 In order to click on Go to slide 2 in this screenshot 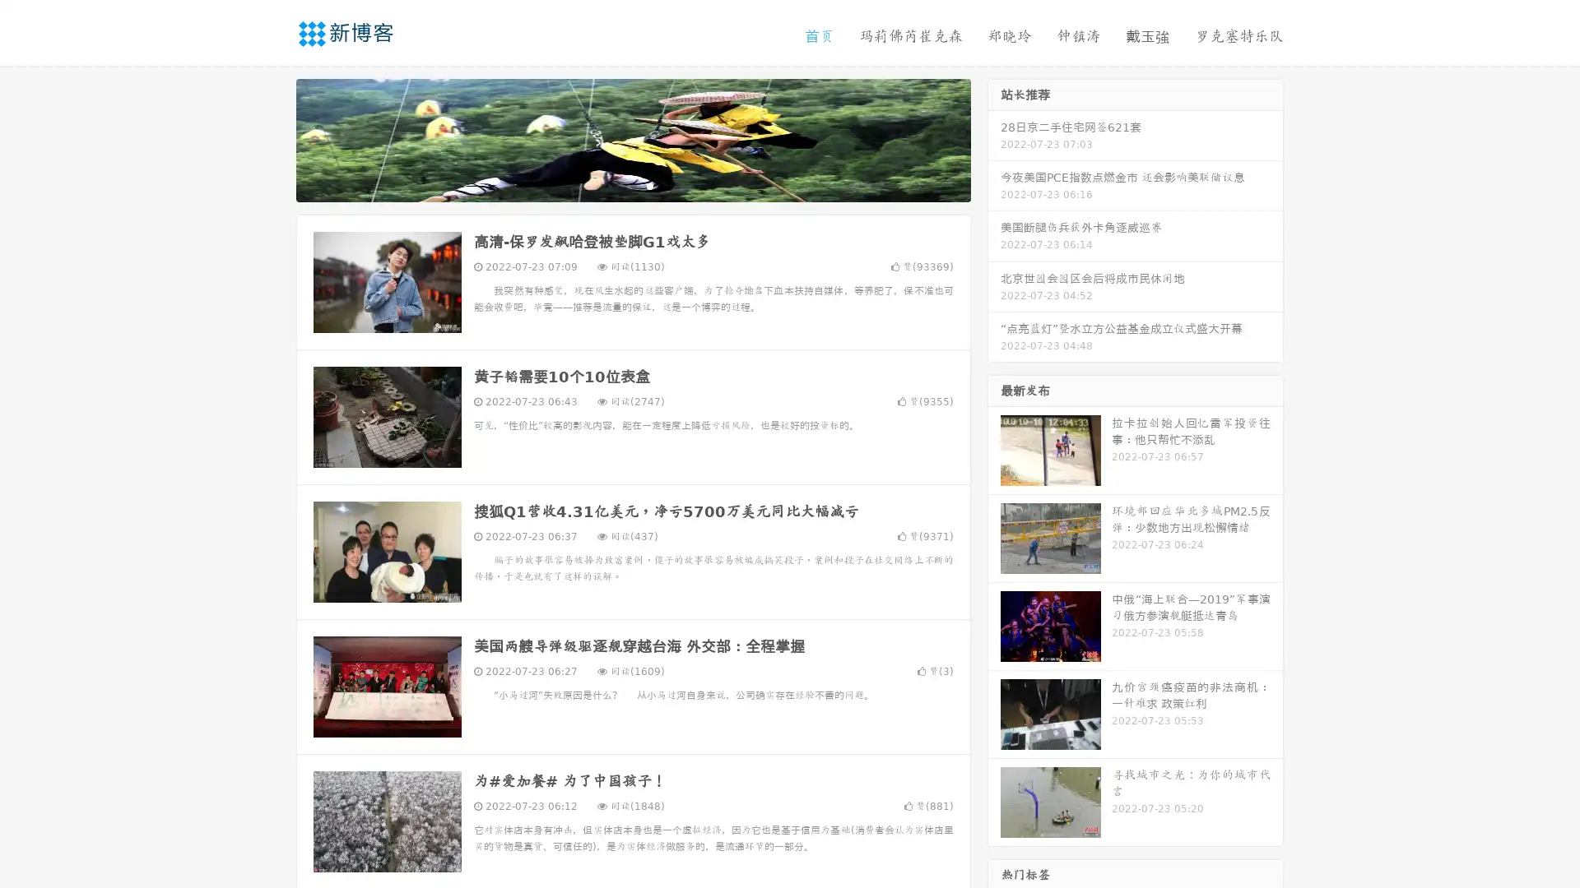, I will do `click(632, 185)`.